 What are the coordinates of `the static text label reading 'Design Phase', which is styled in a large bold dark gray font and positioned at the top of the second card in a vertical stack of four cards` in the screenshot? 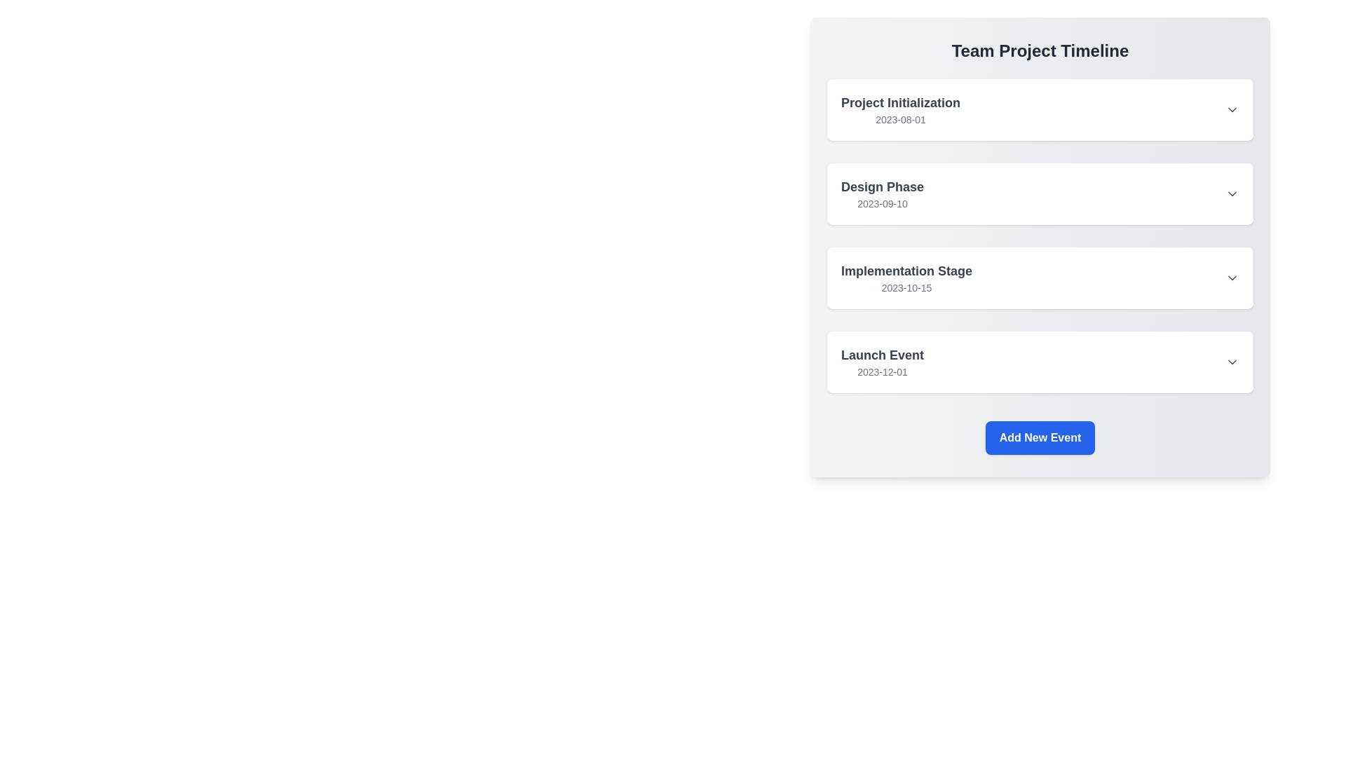 It's located at (881, 186).